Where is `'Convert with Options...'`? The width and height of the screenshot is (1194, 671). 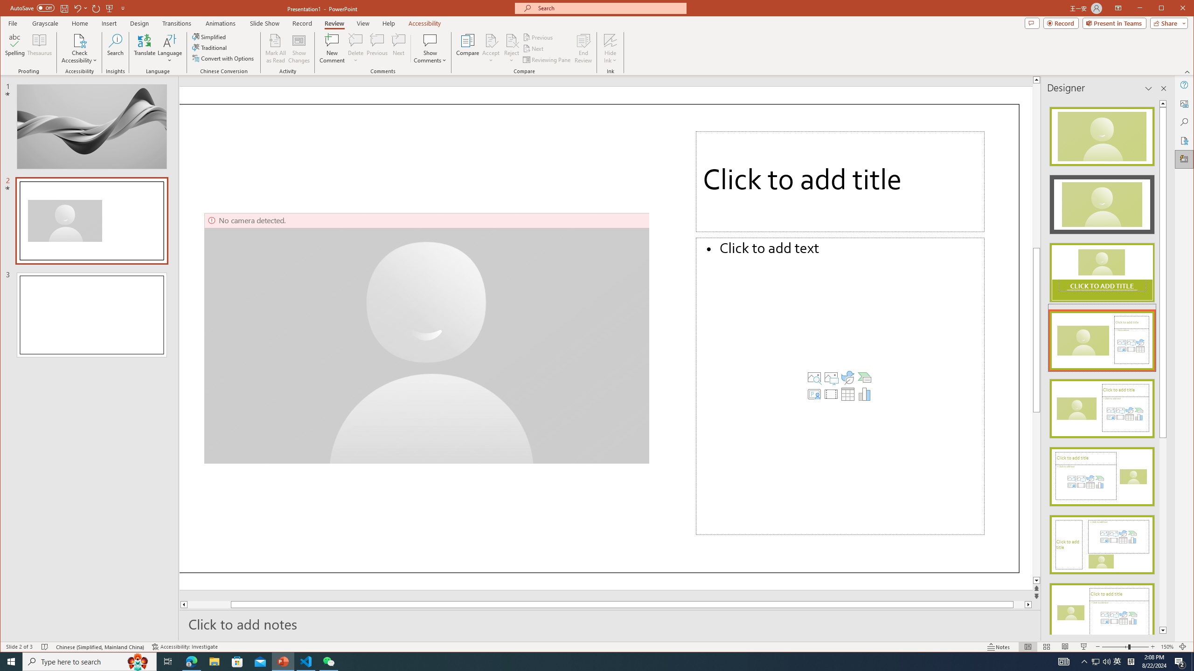
'Convert with Options...' is located at coordinates (224, 58).